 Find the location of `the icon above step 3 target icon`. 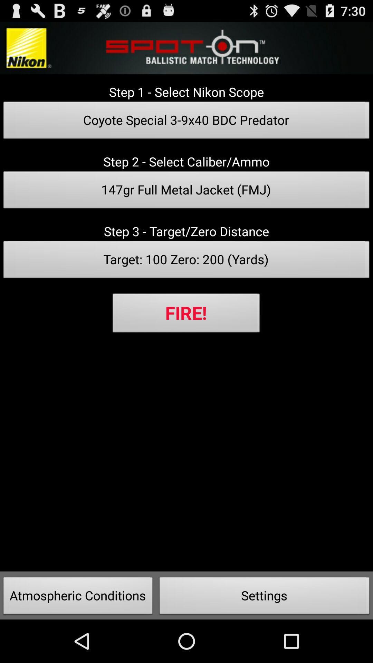

the icon above step 3 target icon is located at coordinates (186, 192).